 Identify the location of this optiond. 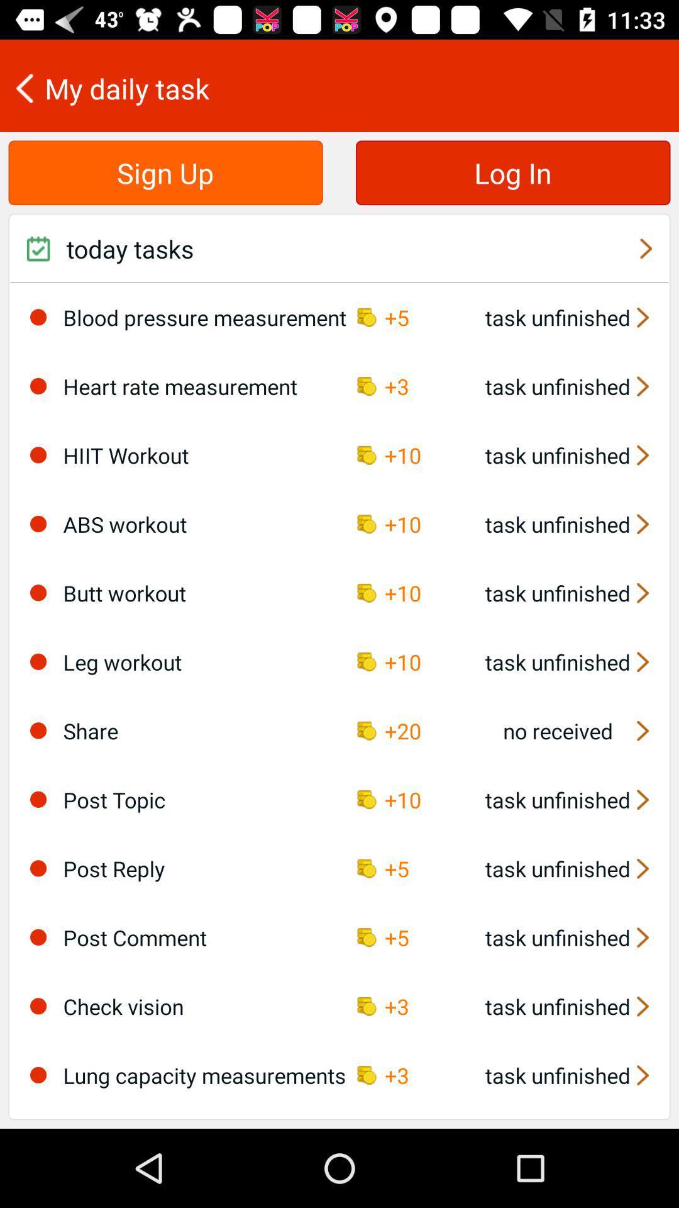
(38, 523).